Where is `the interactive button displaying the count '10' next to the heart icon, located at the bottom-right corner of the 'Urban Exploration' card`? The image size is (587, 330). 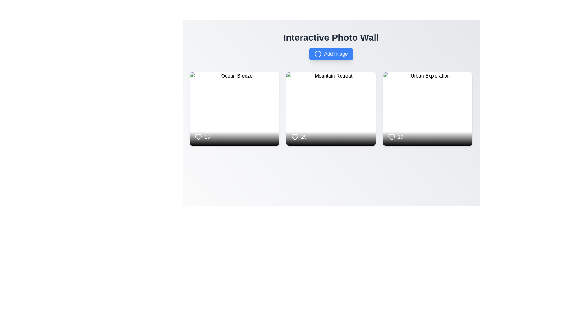 the interactive button displaying the count '10' next to the heart icon, located at the bottom-right corner of the 'Urban Exploration' card is located at coordinates (395, 137).